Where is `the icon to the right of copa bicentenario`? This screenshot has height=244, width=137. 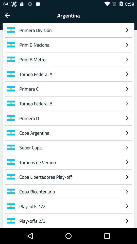
the icon to the right of copa bicentenario is located at coordinates (127, 206).